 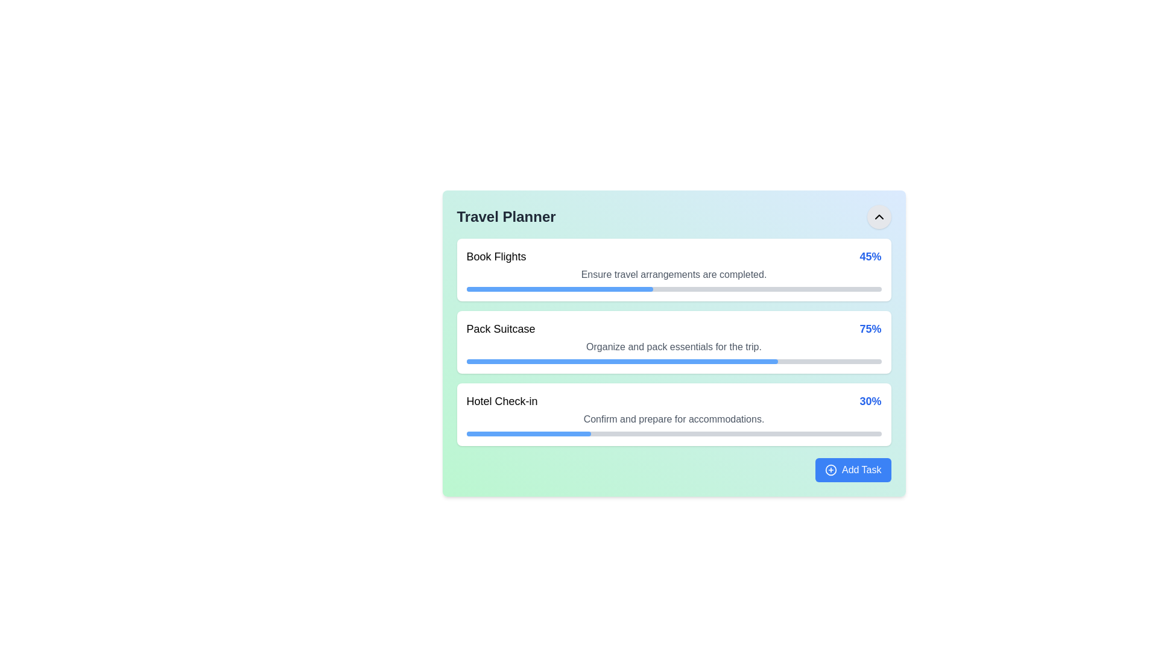 I want to click on the blue progress bar segment that occupies the leftmost 45% of the horizontal bar in the 'Book Flights' section of the 'Travel Planner' interface, so click(x=559, y=289).